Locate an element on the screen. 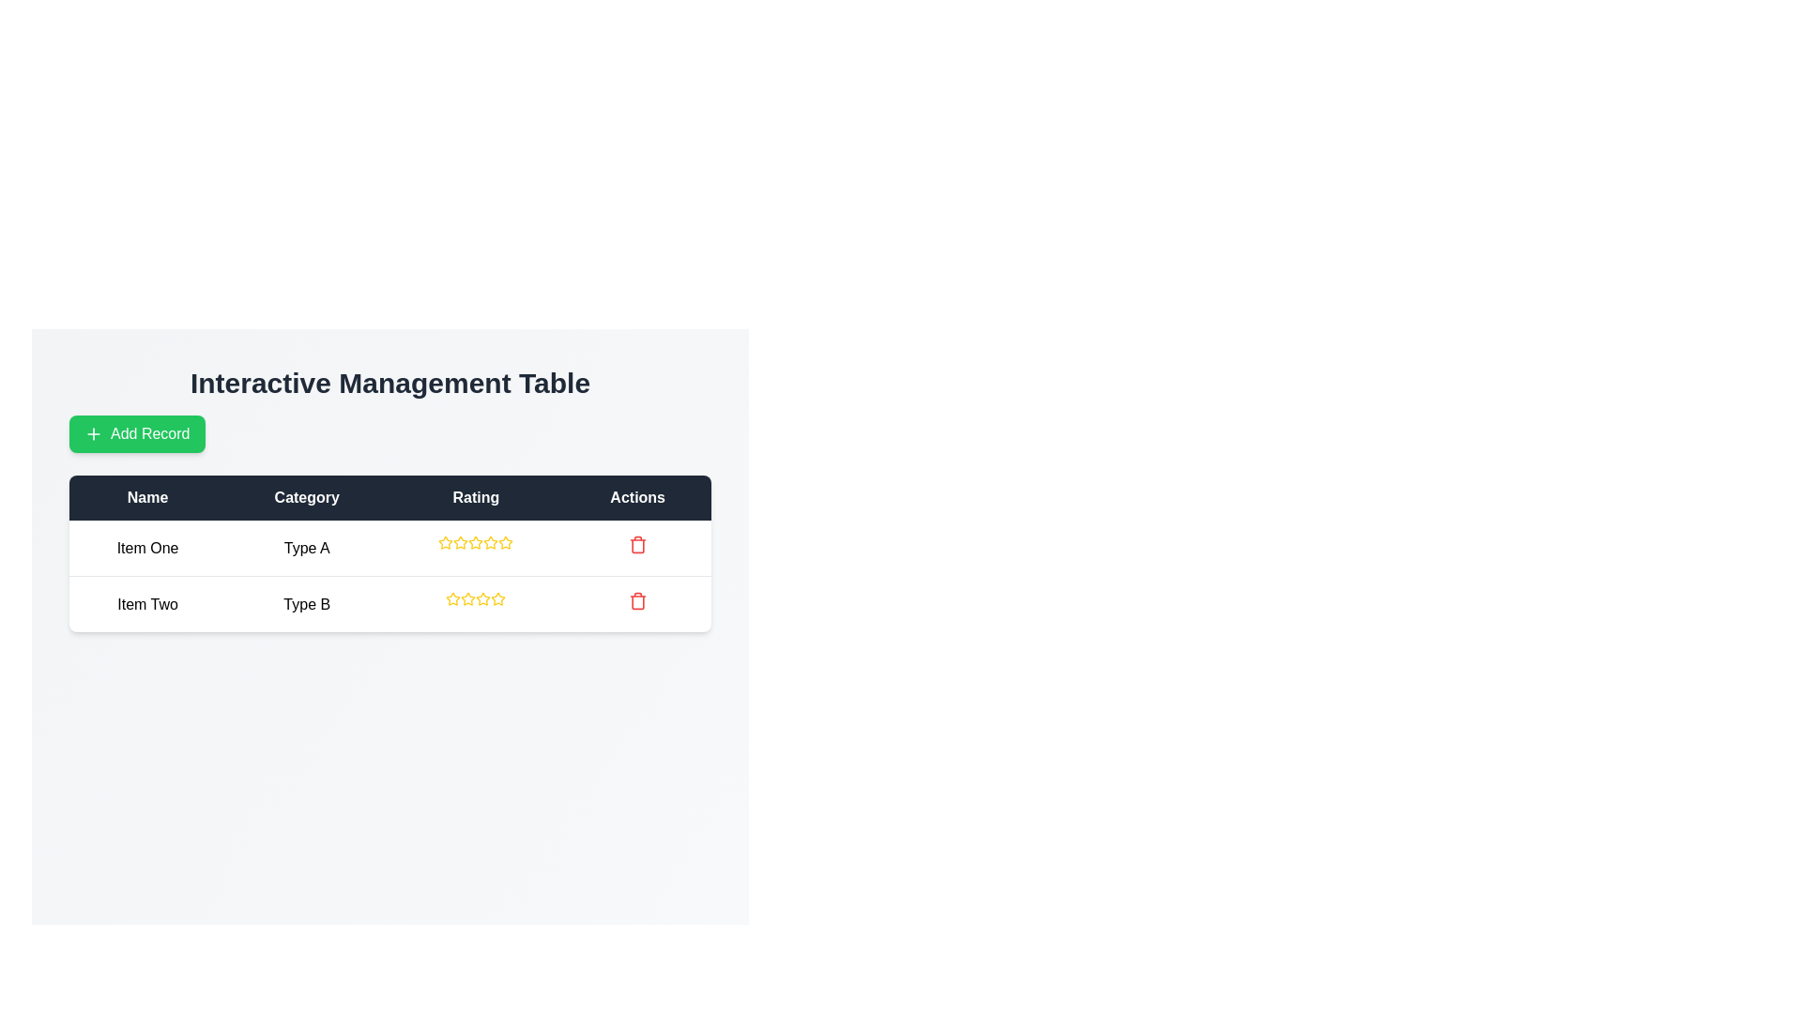  the button located below the header 'Interactive Management Table' is located at coordinates (136, 433).